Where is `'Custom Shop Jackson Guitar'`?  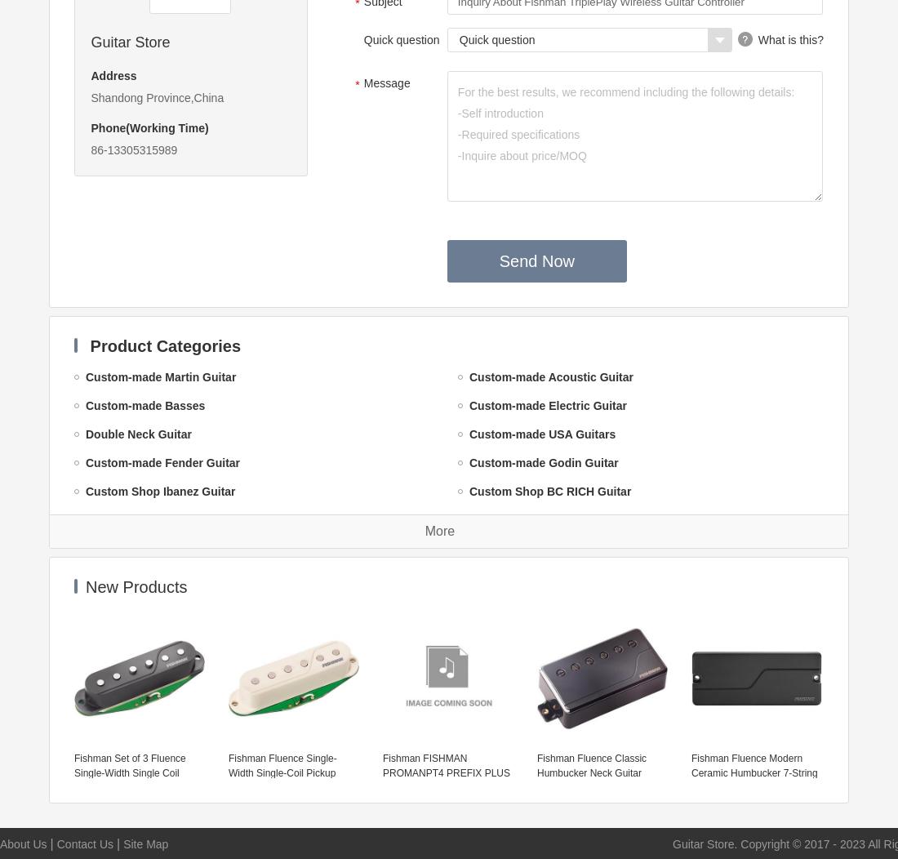
'Custom Shop Jackson Guitar' is located at coordinates (164, 663).